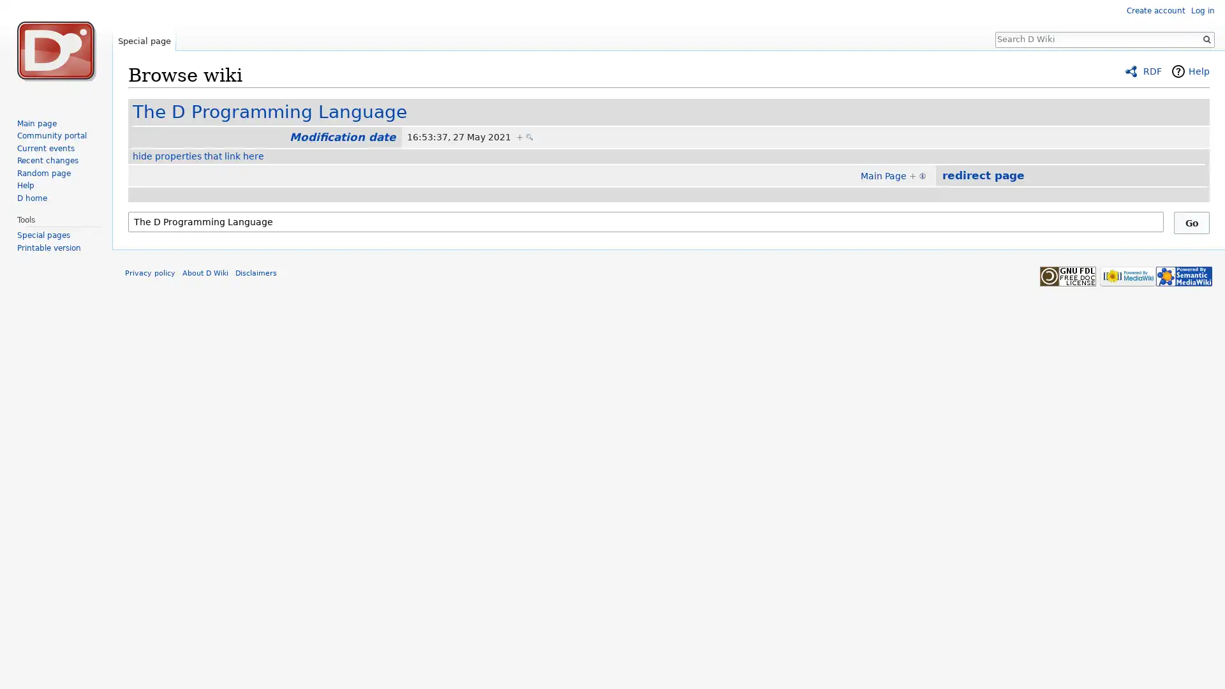 This screenshot has height=689, width=1225. Describe the element at coordinates (1206, 38) in the screenshot. I see `Go` at that location.